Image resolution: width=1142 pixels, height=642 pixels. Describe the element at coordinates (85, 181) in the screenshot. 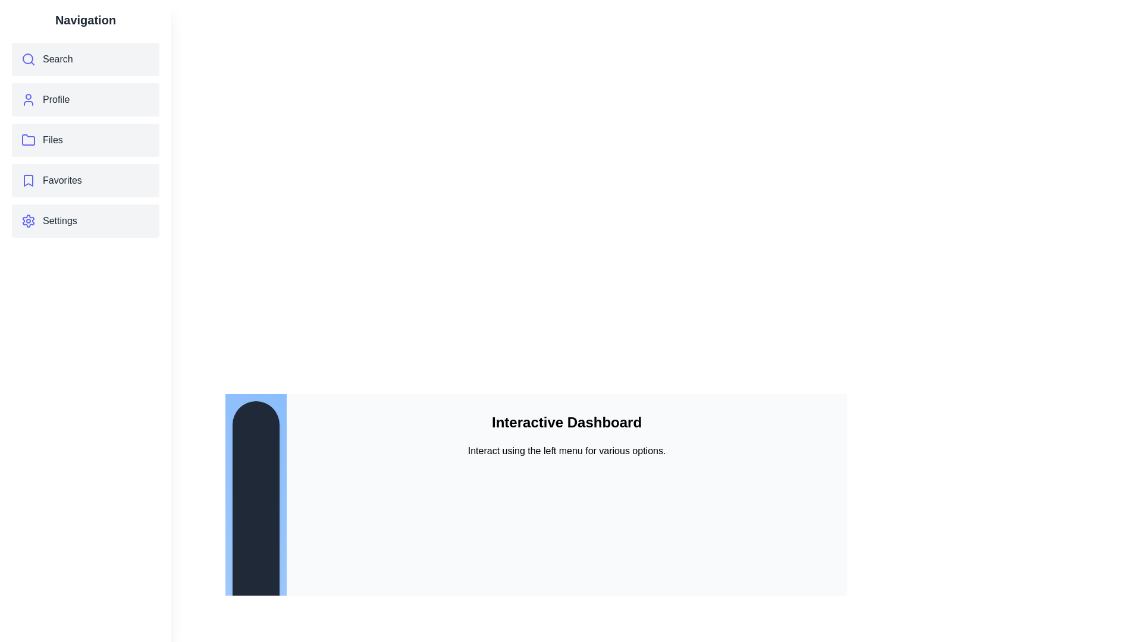

I see `the menu item Favorites to observe its hover effect` at that location.